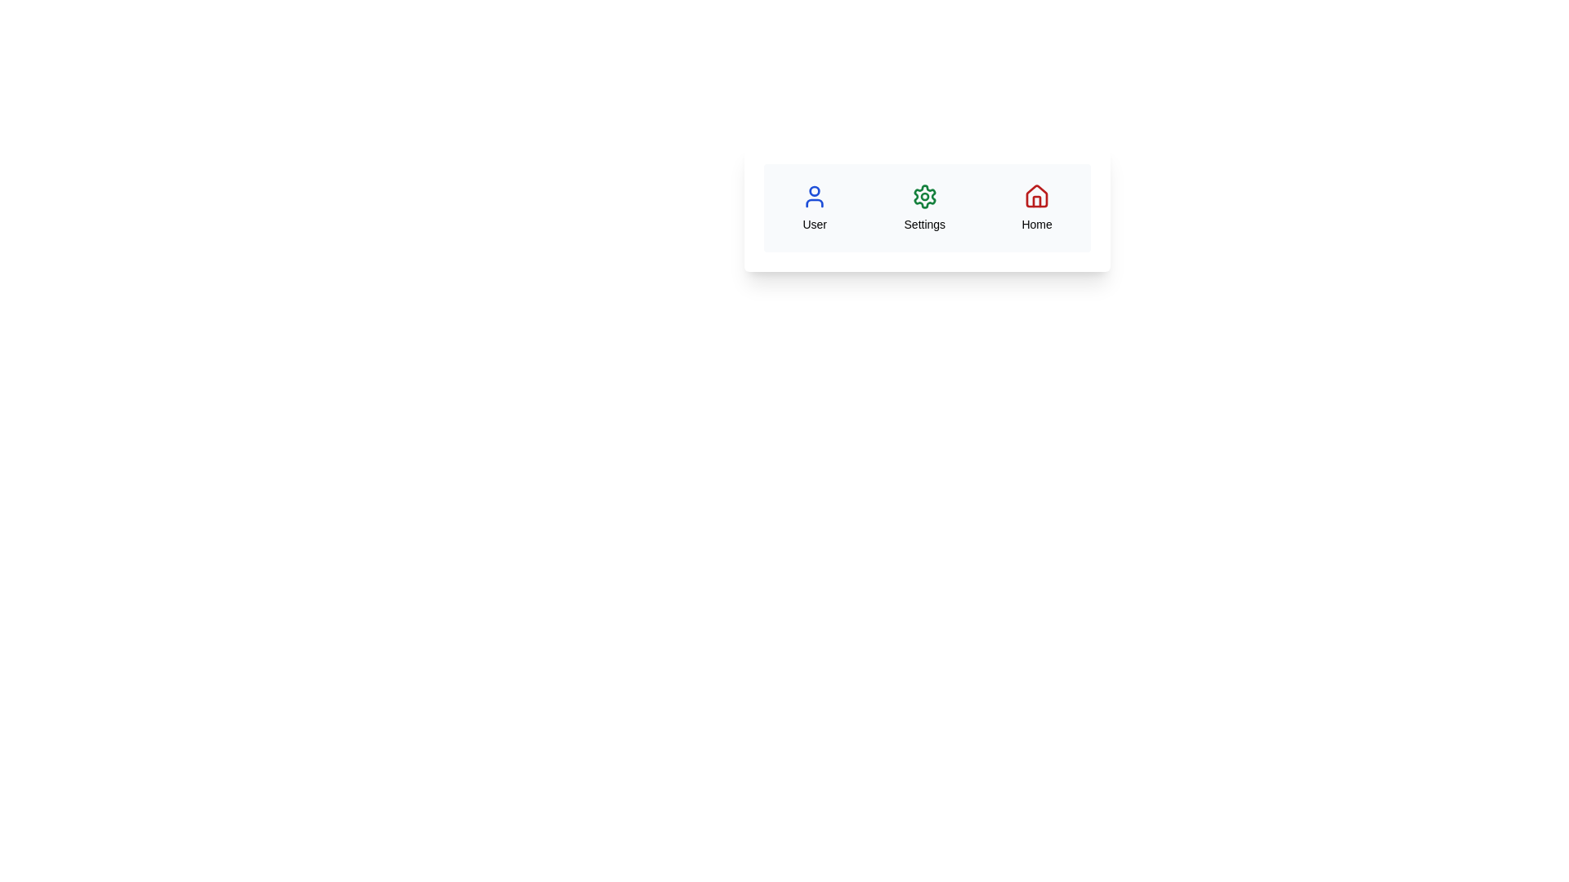  What do you see at coordinates (1036, 207) in the screenshot?
I see `the 'Home' button, which is the rightmost button in a group of three, following the 'Settings' button` at bounding box center [1036, 207].